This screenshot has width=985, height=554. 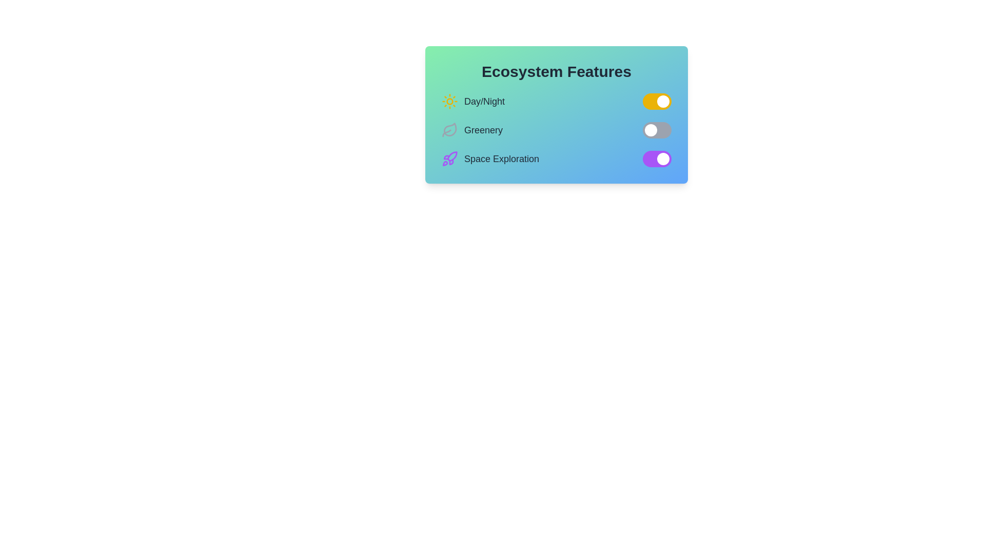 I want to click on label of the 'Greenery' feature, which is represented by a gray leaf icon and bold text next to it, so click(x=471, y=130).